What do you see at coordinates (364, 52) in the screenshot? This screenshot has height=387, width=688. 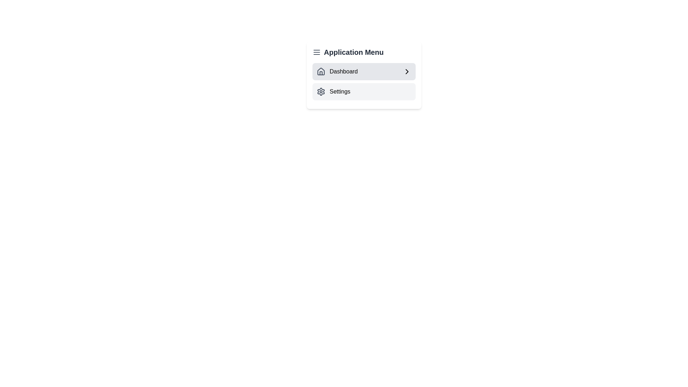 I see `the text label 'Application Menu' which is styled in bold, large font and positioned at the top of a navigation panel` at bounding box center [364, 52].